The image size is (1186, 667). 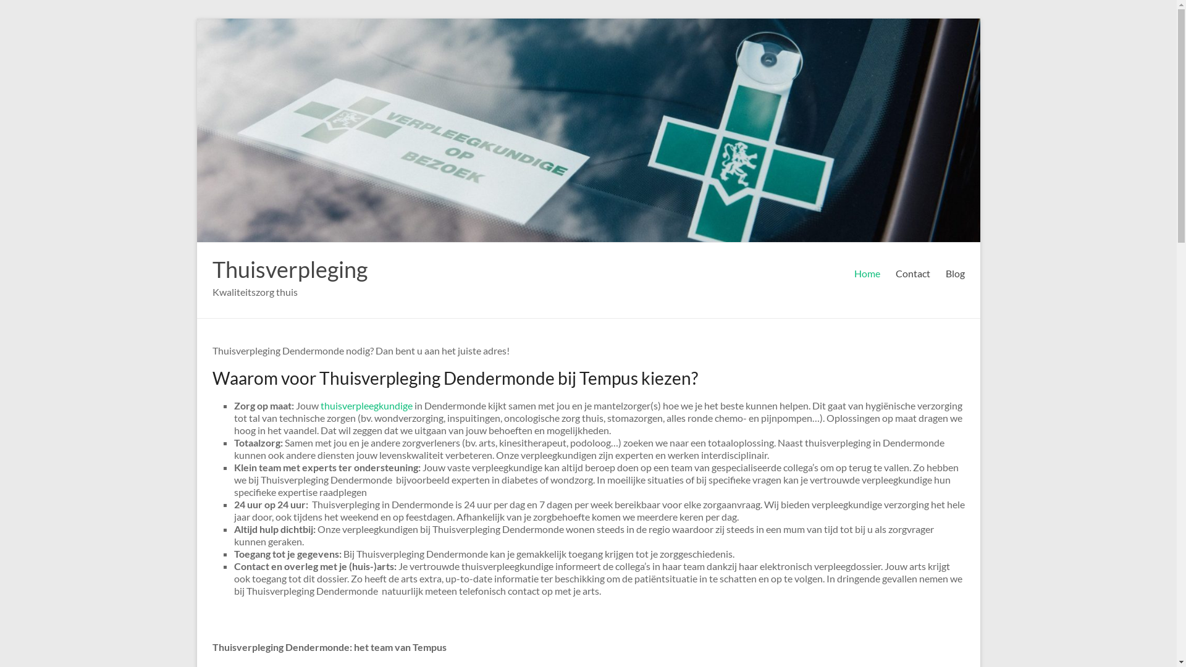 I want to click on 'Thuisverpleging', so click(x=289, y=268).